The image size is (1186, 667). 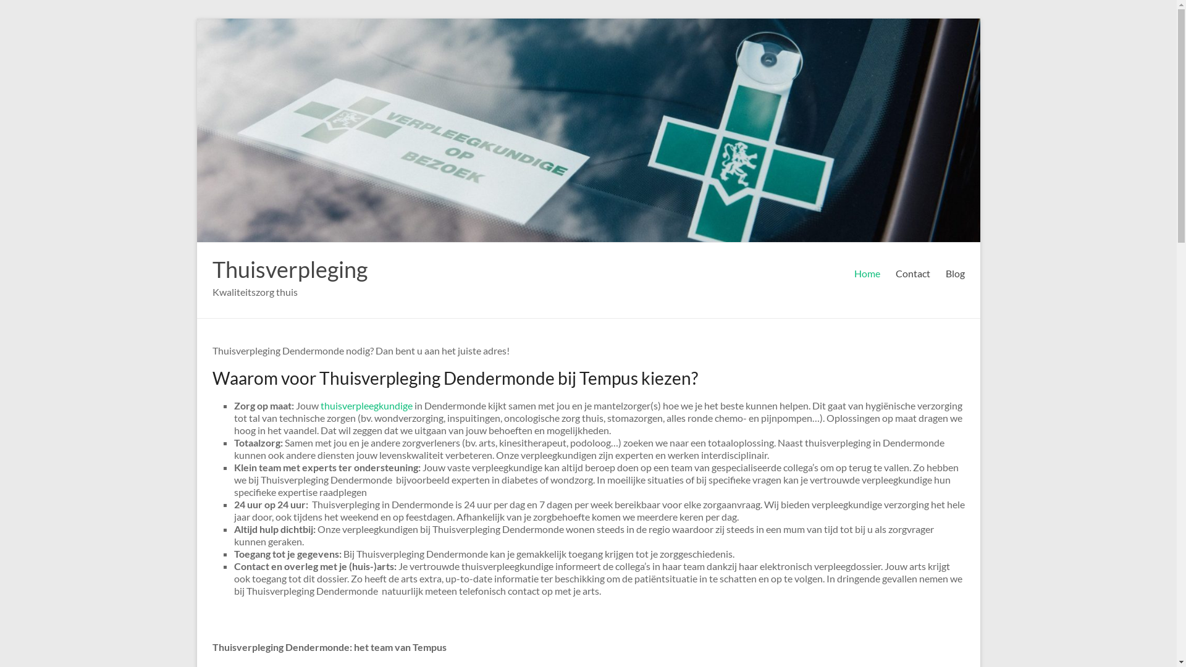 I want to click on 'Thuisverpleging', so click(x=289, y=268).